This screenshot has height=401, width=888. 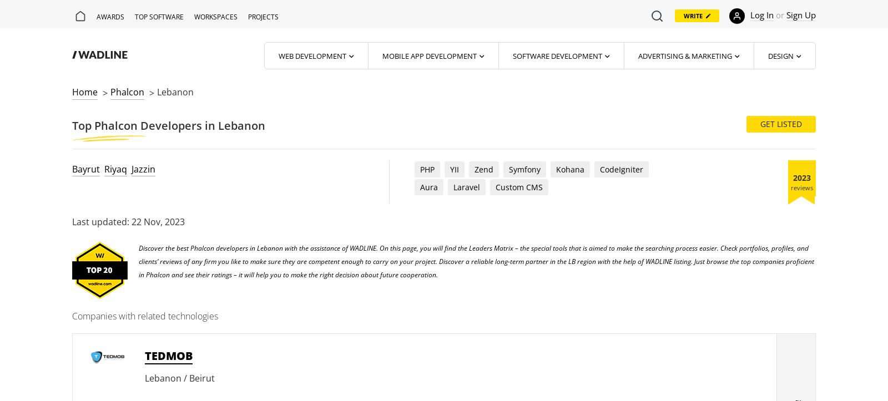 I want to click on 'Custom CMS', so click(x=518, y=186).